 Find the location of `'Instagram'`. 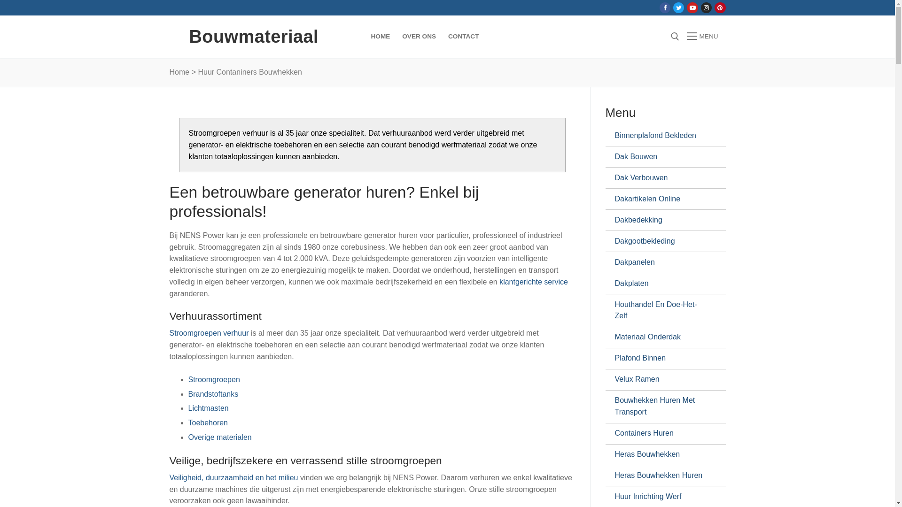

'Instagram' is located at coordinates (706, 8).